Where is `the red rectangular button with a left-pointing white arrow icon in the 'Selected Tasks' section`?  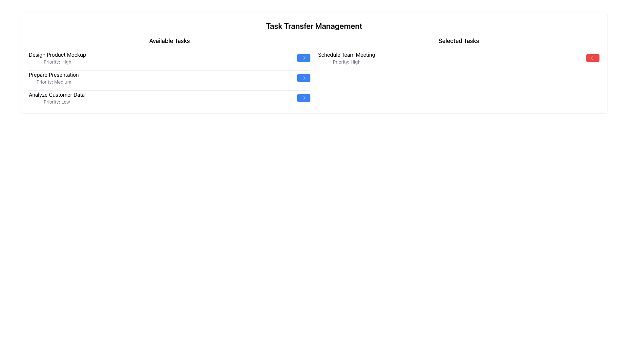 the red rectangular button with a left-pointing white arrow icon in the 'Selected Tasks' section is located at coordinates (593, 58).